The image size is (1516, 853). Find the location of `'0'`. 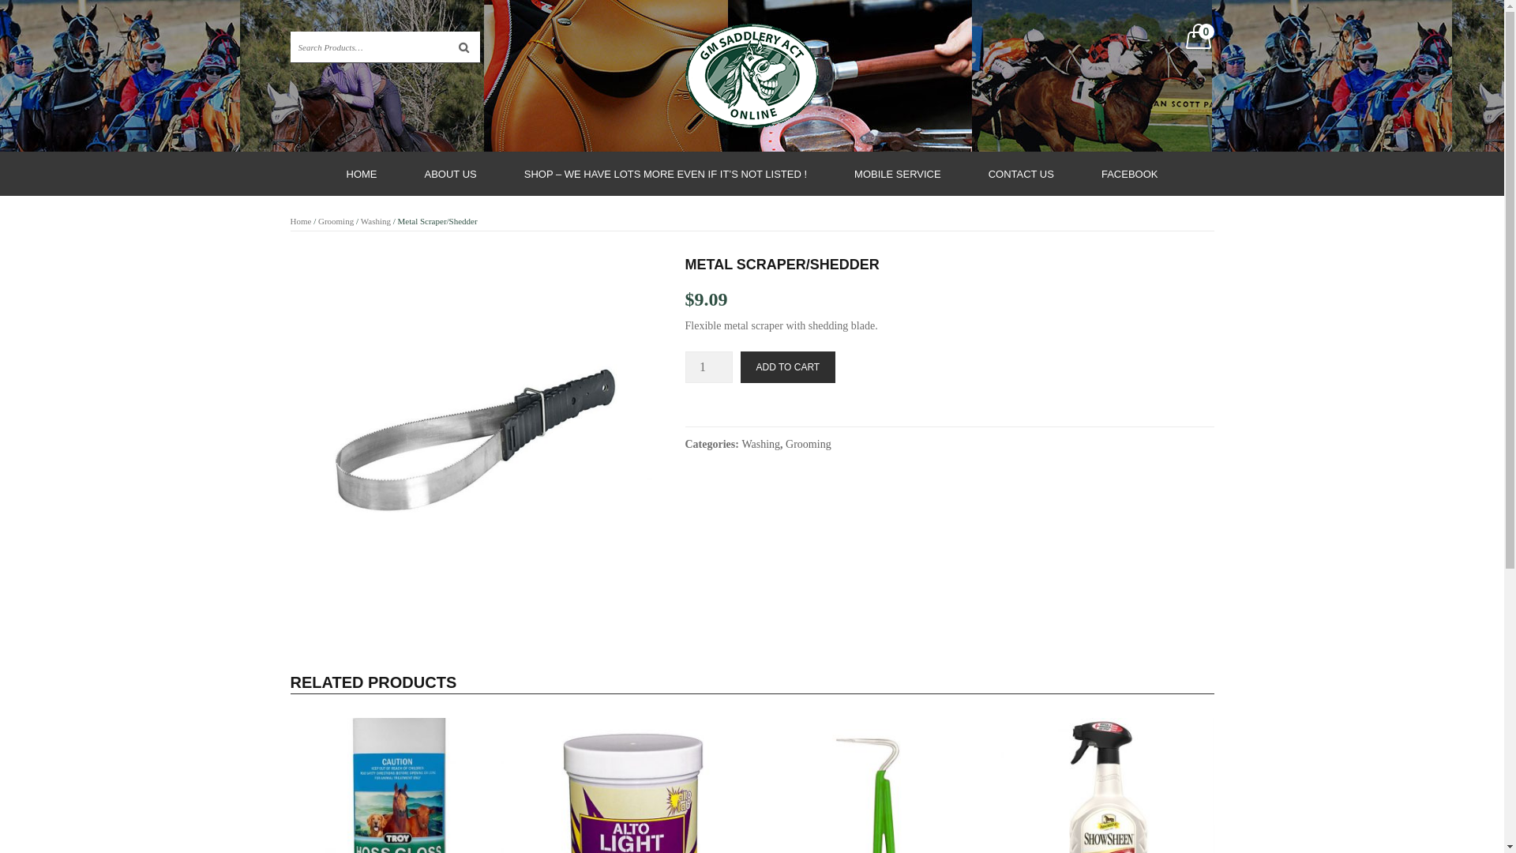

'0' is located at coordinates (1198, 39).